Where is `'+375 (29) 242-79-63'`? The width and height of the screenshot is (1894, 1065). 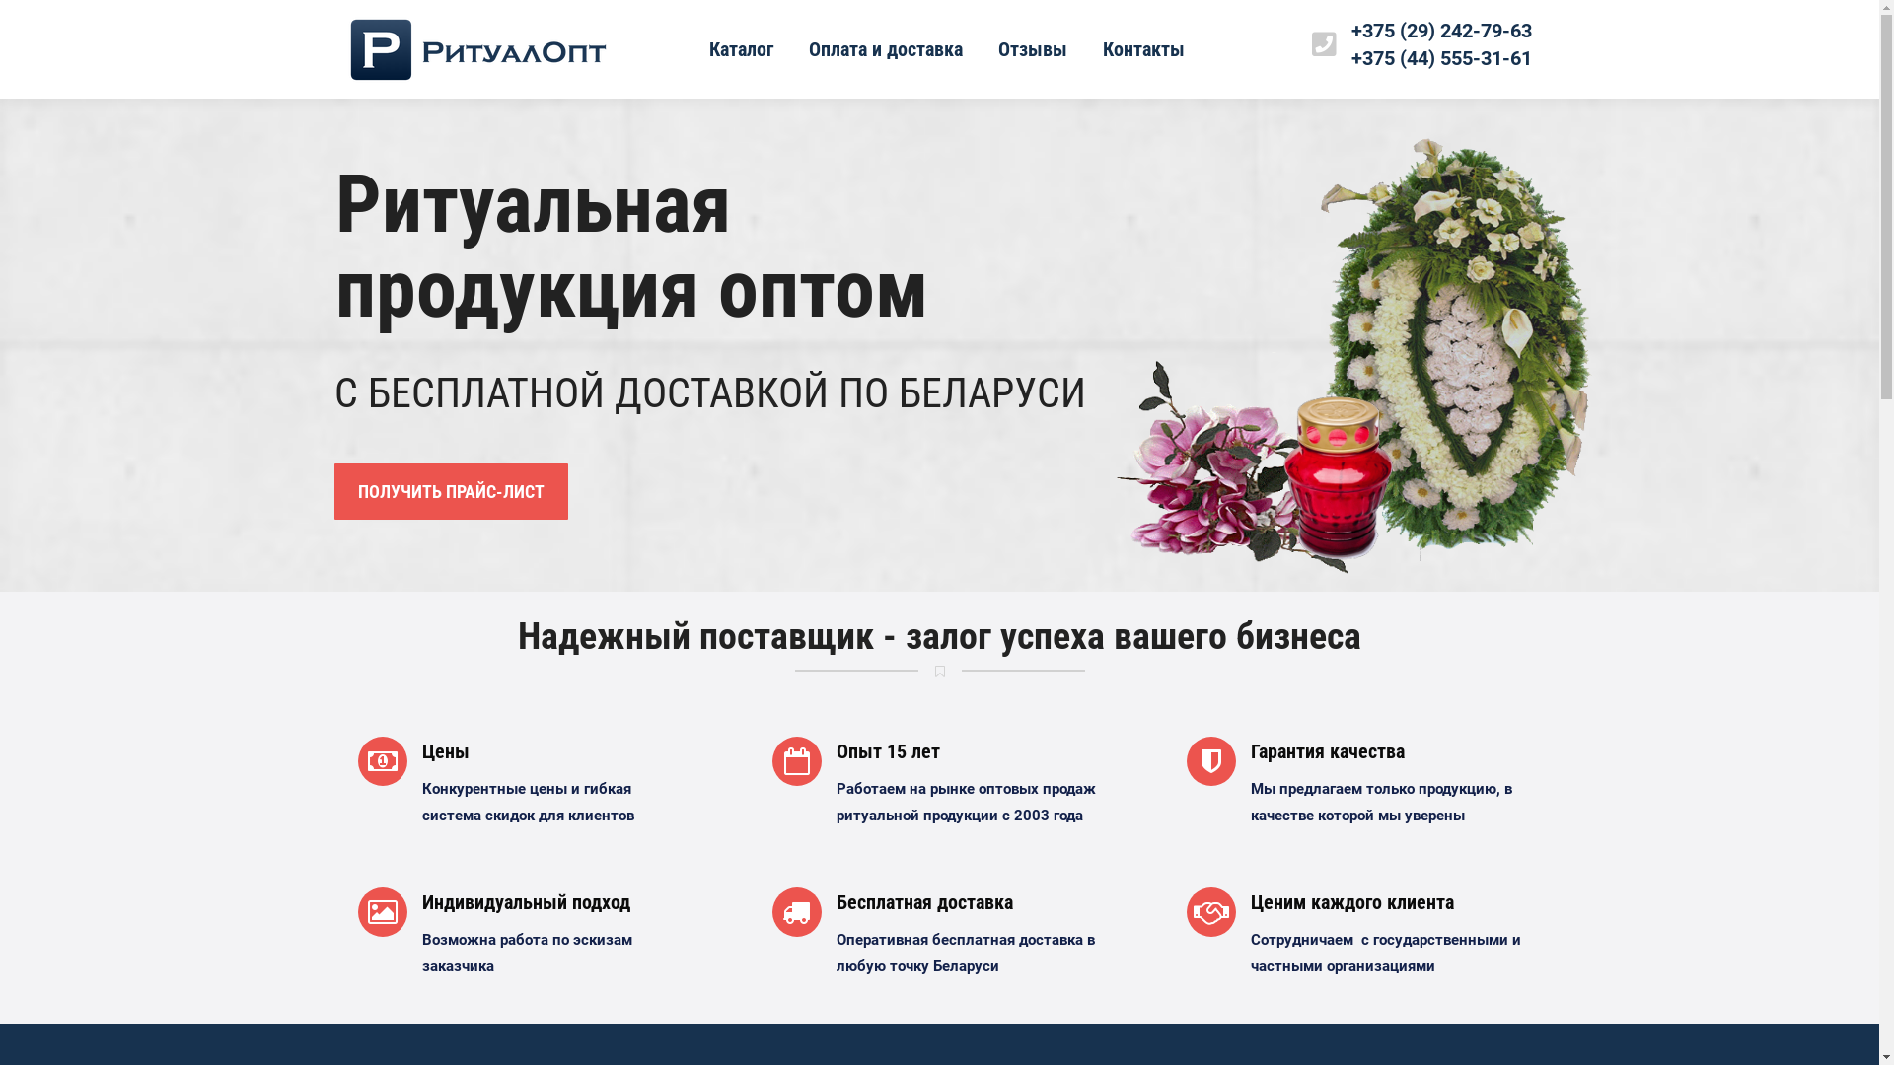 '+375 (29) 242-79-63' is located at coordinates (1441, 30).